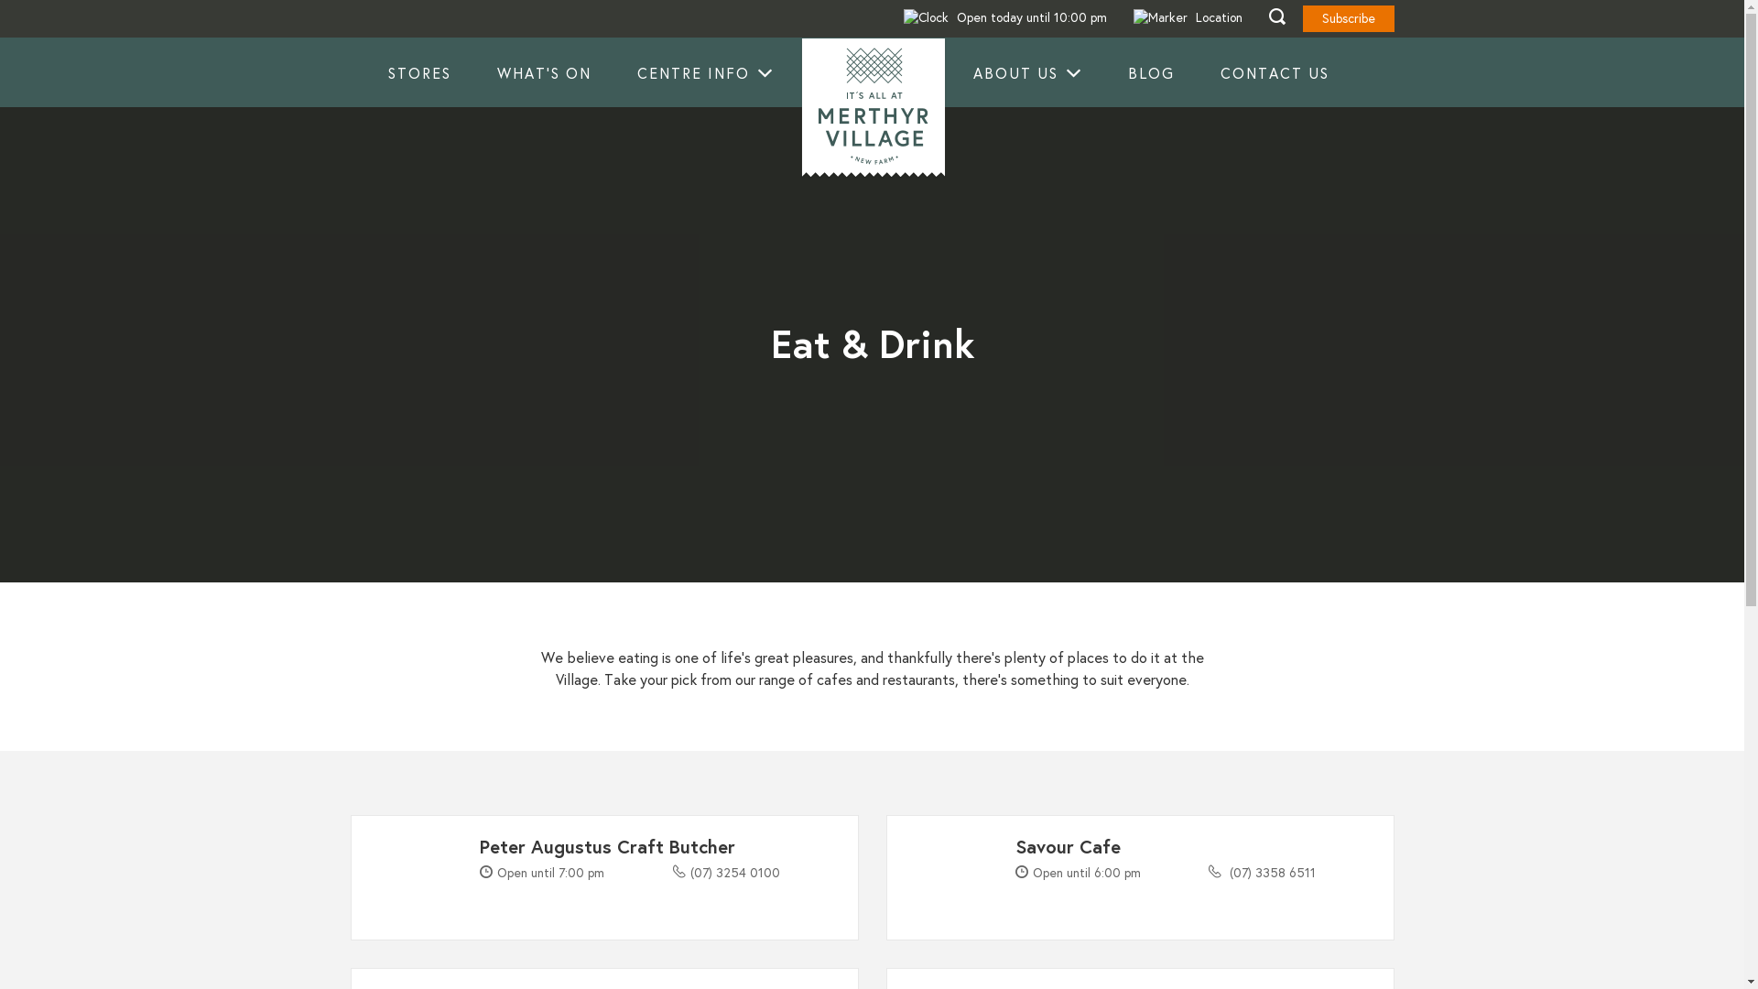  I want to click on 'Subscribe', so click(1348, 18).